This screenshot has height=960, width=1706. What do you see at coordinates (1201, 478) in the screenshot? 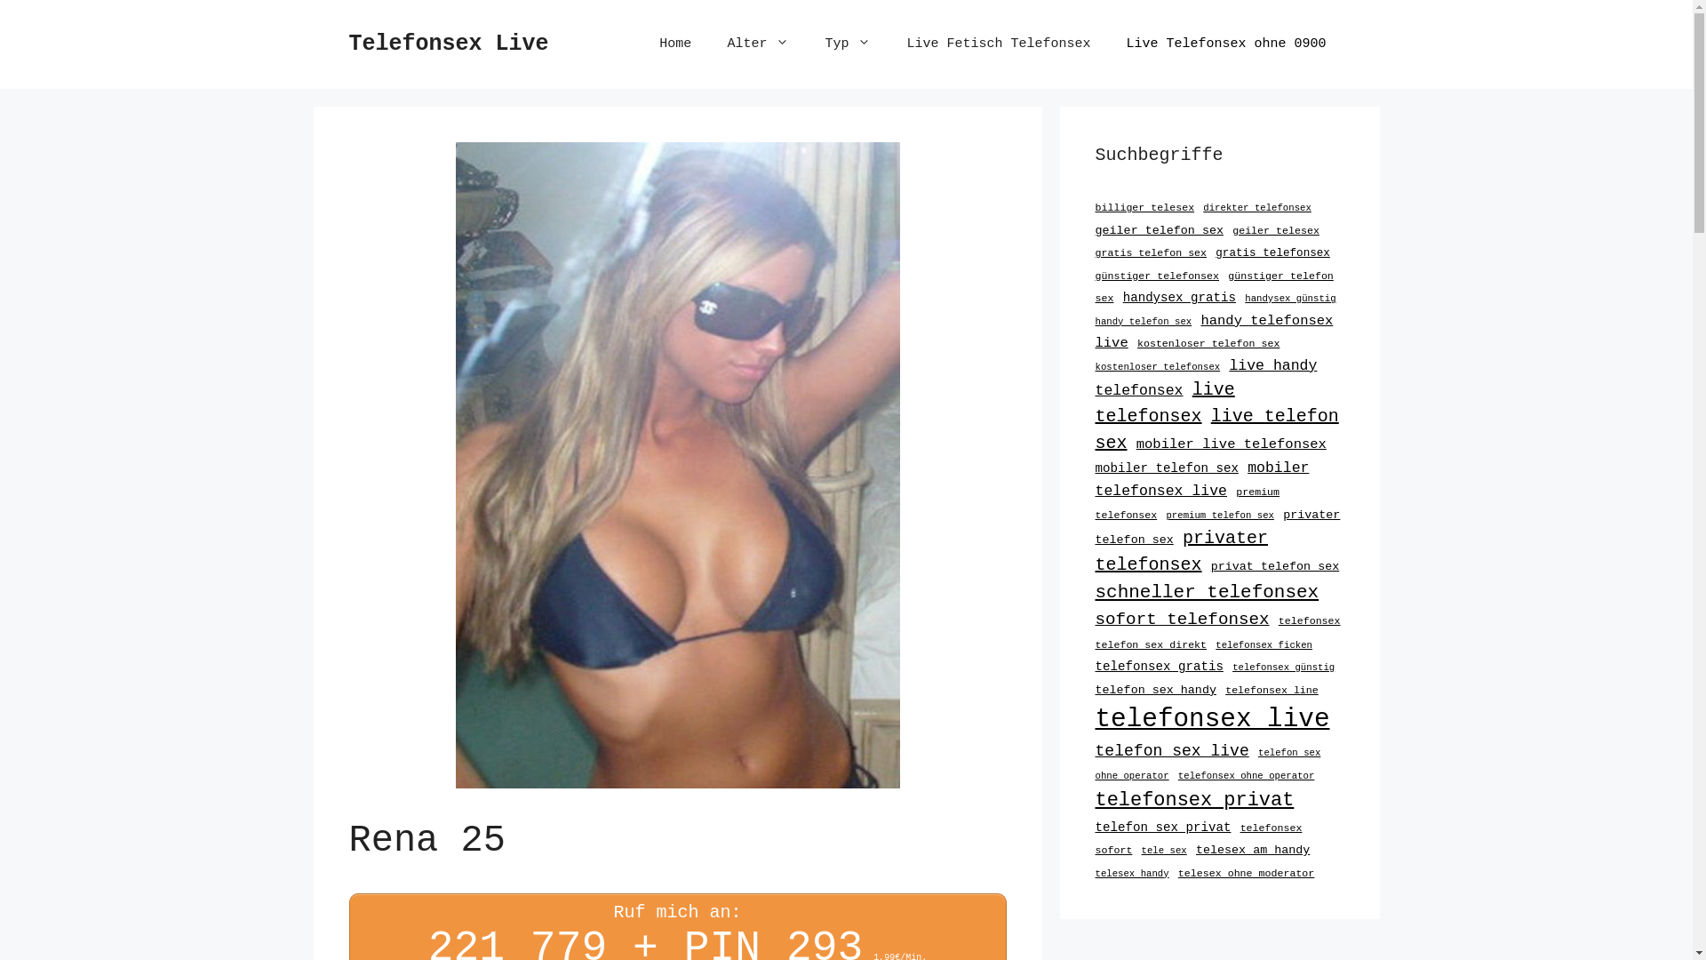
I see `'mobiler telefonsex live'` at bounding box center [1201, 478].